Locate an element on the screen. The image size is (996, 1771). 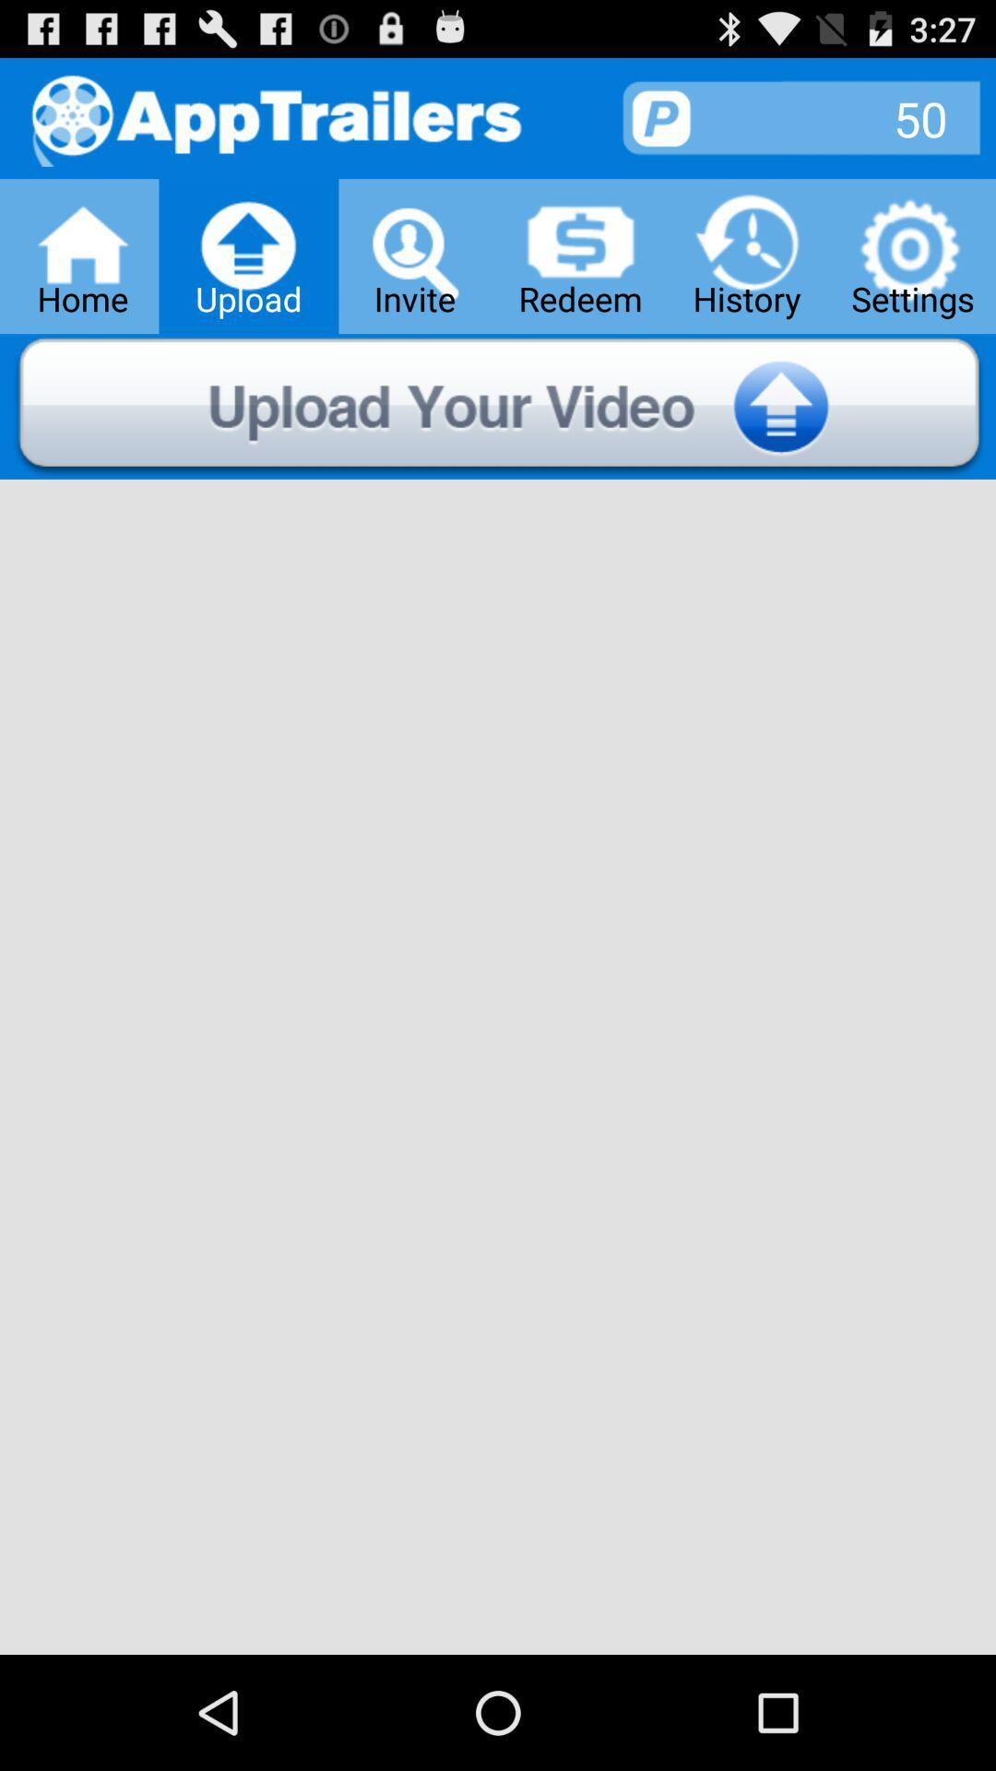
upload video loading is located at coordinates (498, 406).